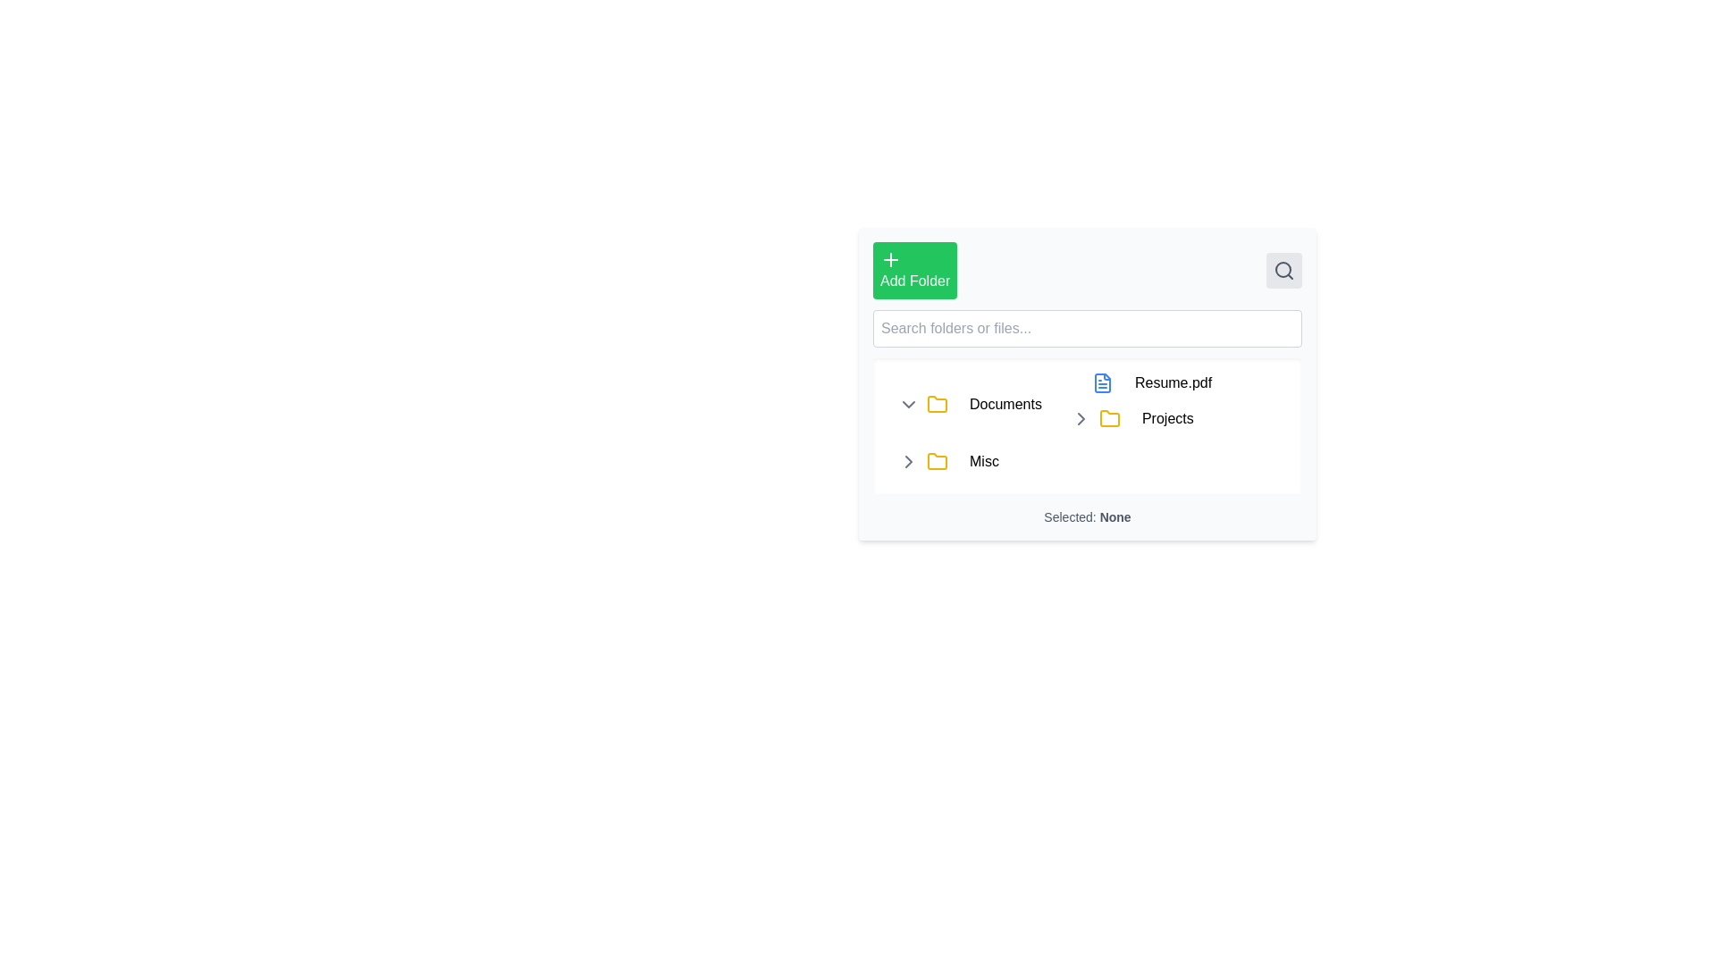 The height and width of the screenshot is (965, 1716). What do you see at coordinates (937, 404) in the screenshot?
I see `the folder icon with a yellow outline located to the left of the 'Projects' text label` at bounding box center [937, 404].